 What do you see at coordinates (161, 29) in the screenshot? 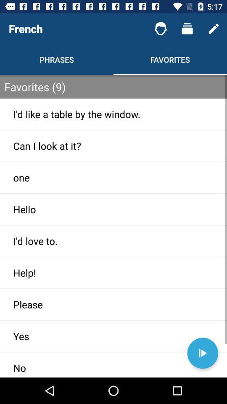
I see `icon next to the french` at bounding box center [161, 29].